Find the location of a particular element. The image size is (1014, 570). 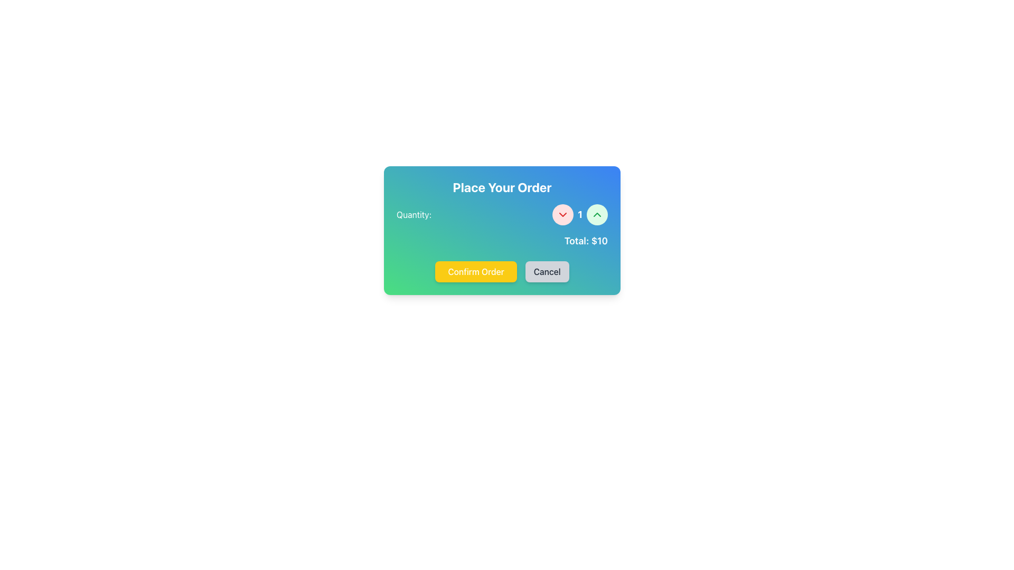

the yellow 'Confirm Order' button with rounded edges located in the modal dialog box to confirm the order is located at coordinates (501, 271).